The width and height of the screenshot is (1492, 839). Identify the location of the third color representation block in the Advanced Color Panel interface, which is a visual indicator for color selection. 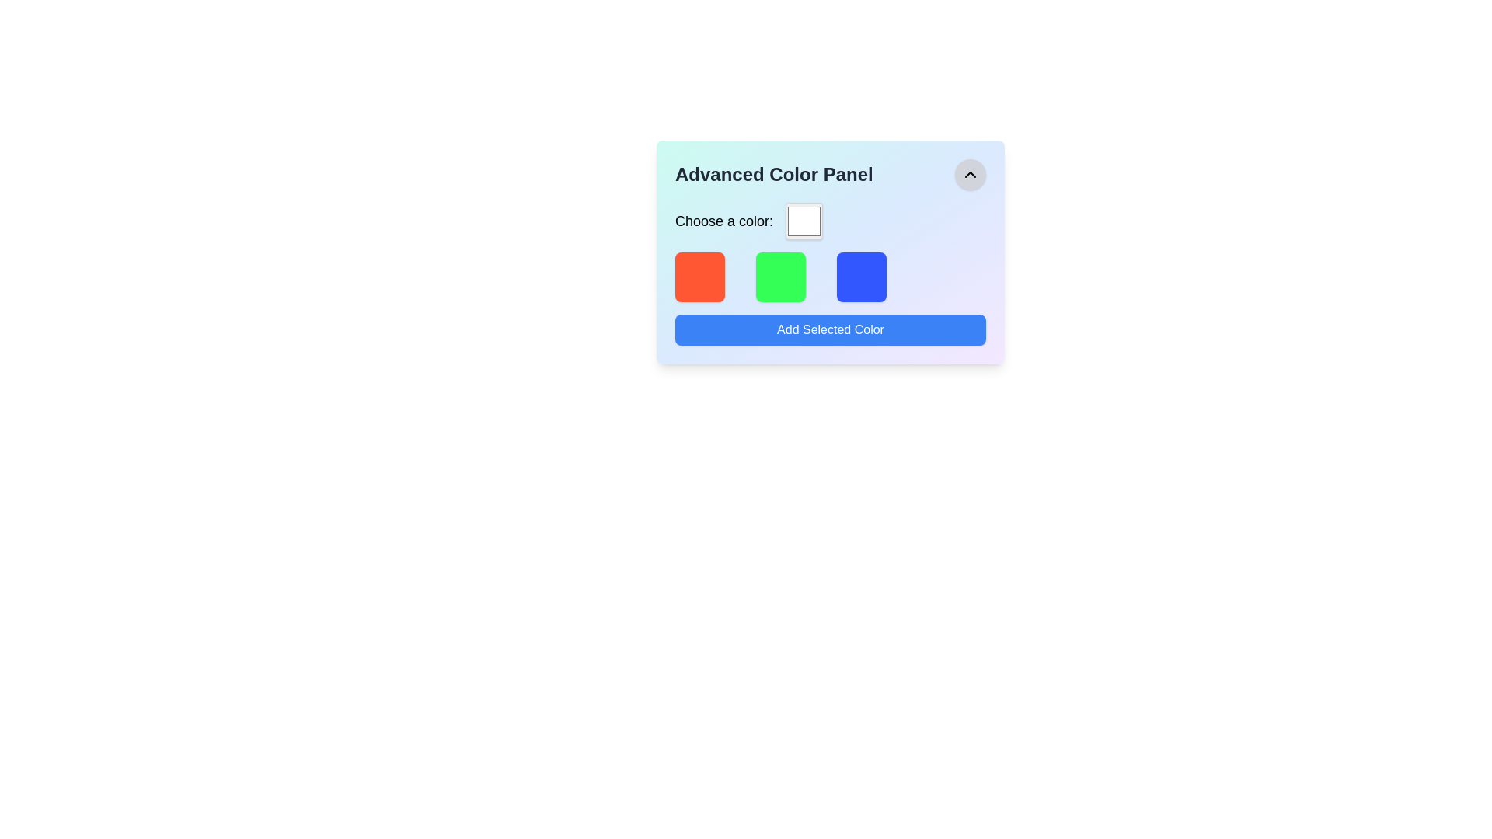
(860, 277).